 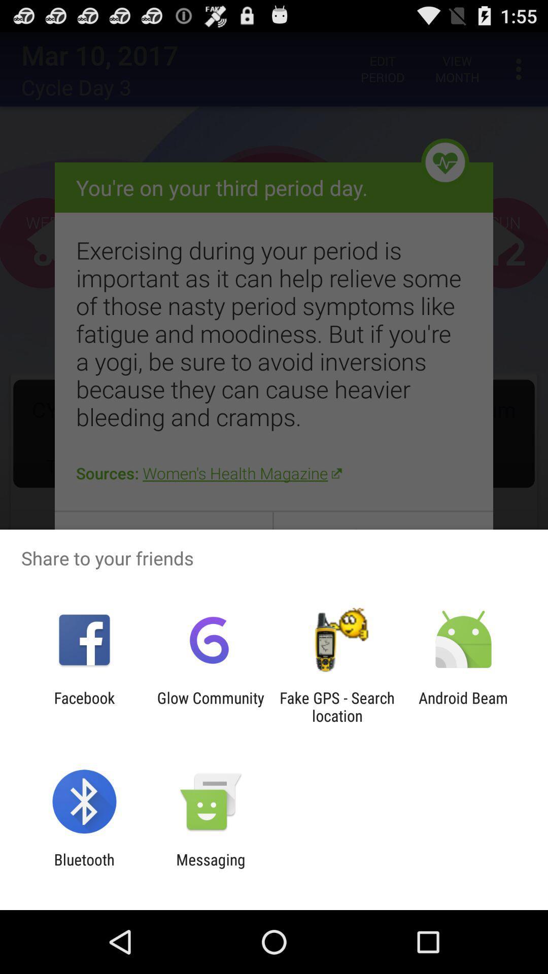 What do you see at coordinates (84, 706) in the screenshot?
I see `the facebook item` at bounding box center [84, 706].